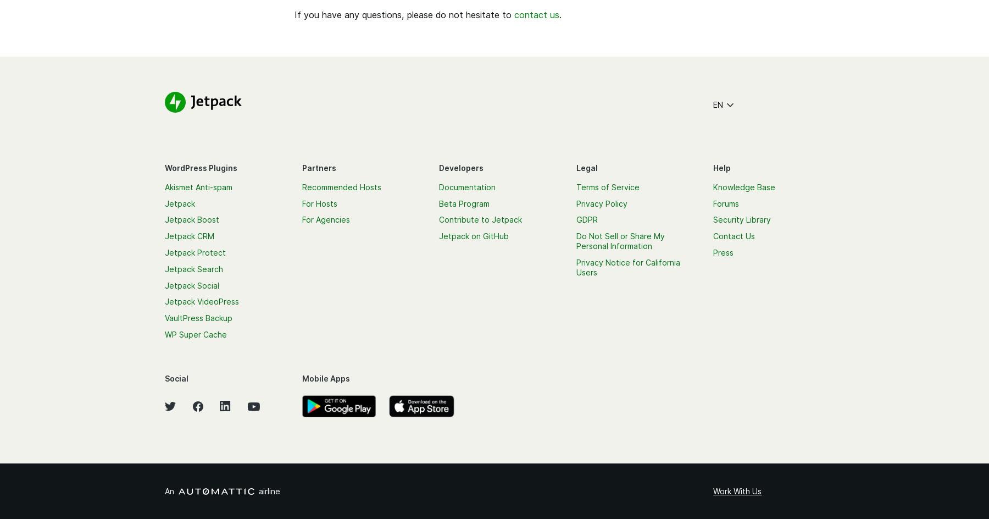 This screenshot has width=989, height=519. What do you see at coordinates (164, 167) in the screenshot?
I see `'WordPress Plugins'` at bounding box center [164, 167].